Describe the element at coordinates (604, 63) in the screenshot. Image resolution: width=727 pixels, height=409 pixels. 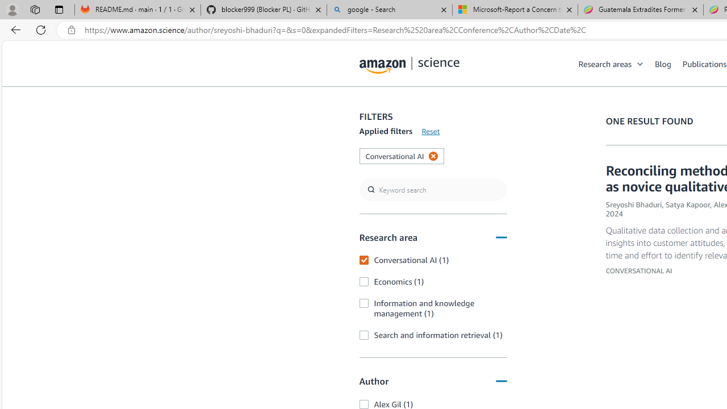
I see `'Research areas'` at that location.